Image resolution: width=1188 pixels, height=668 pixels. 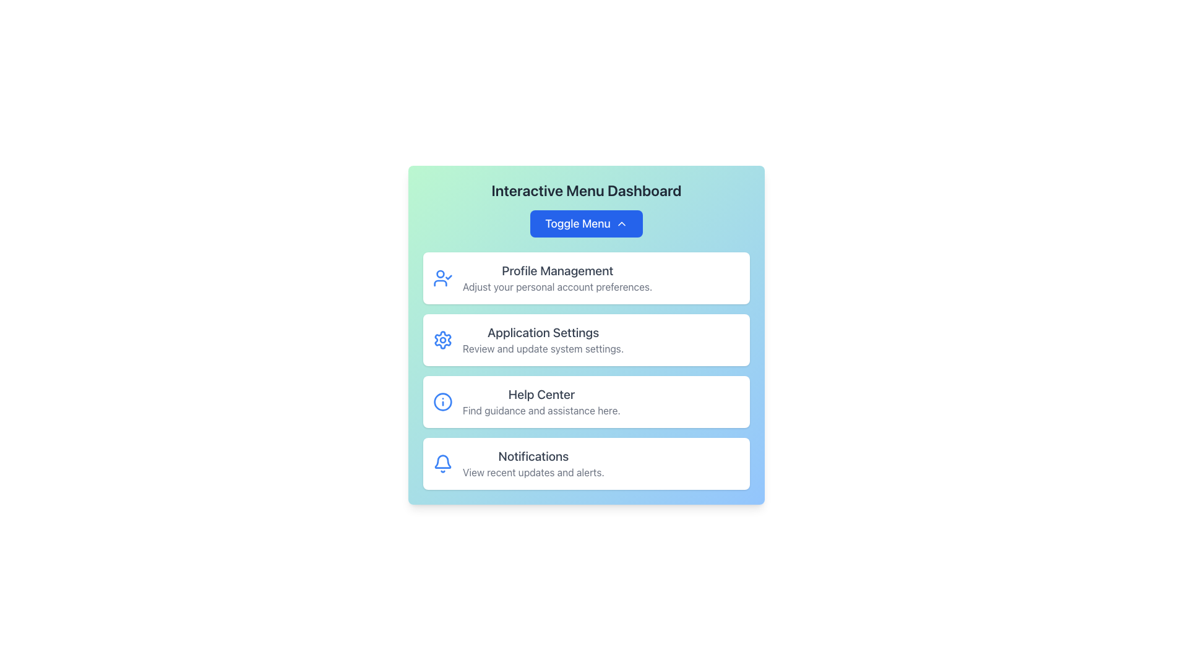 What do you see at coordinates (442, 278) in the screenshot?
I see `the 'Profile Management' icon located on the left side of the topmost card in the vertical stack of options` at bounding box center [442, 278].